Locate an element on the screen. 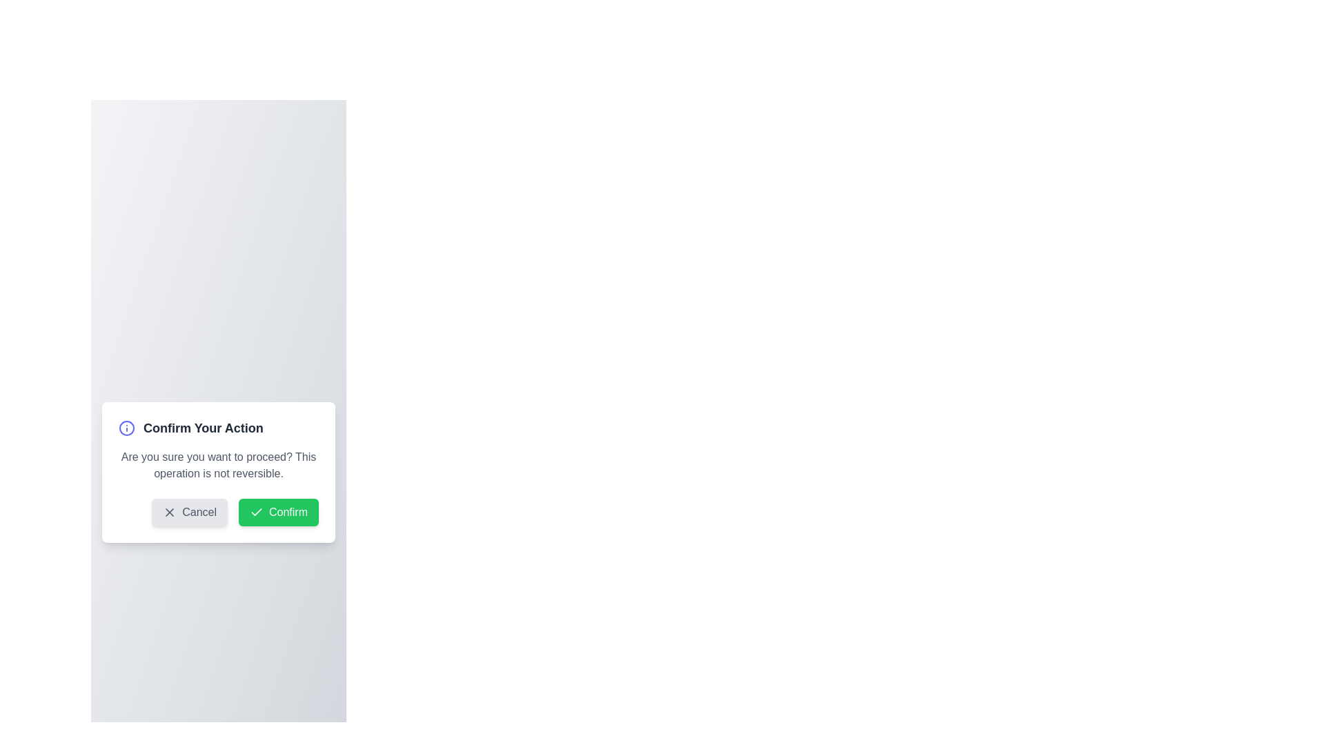 The image size is (1325, 745). the 'Confirm' button with a green background and a checkmark icon to confirm the action is located at coordinates (277, 513).